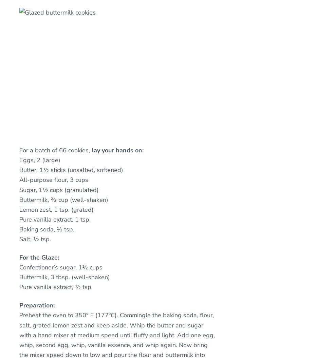  I want to click on 'Lemon zest, 1 tsp. (grated)', so click(56, 209).